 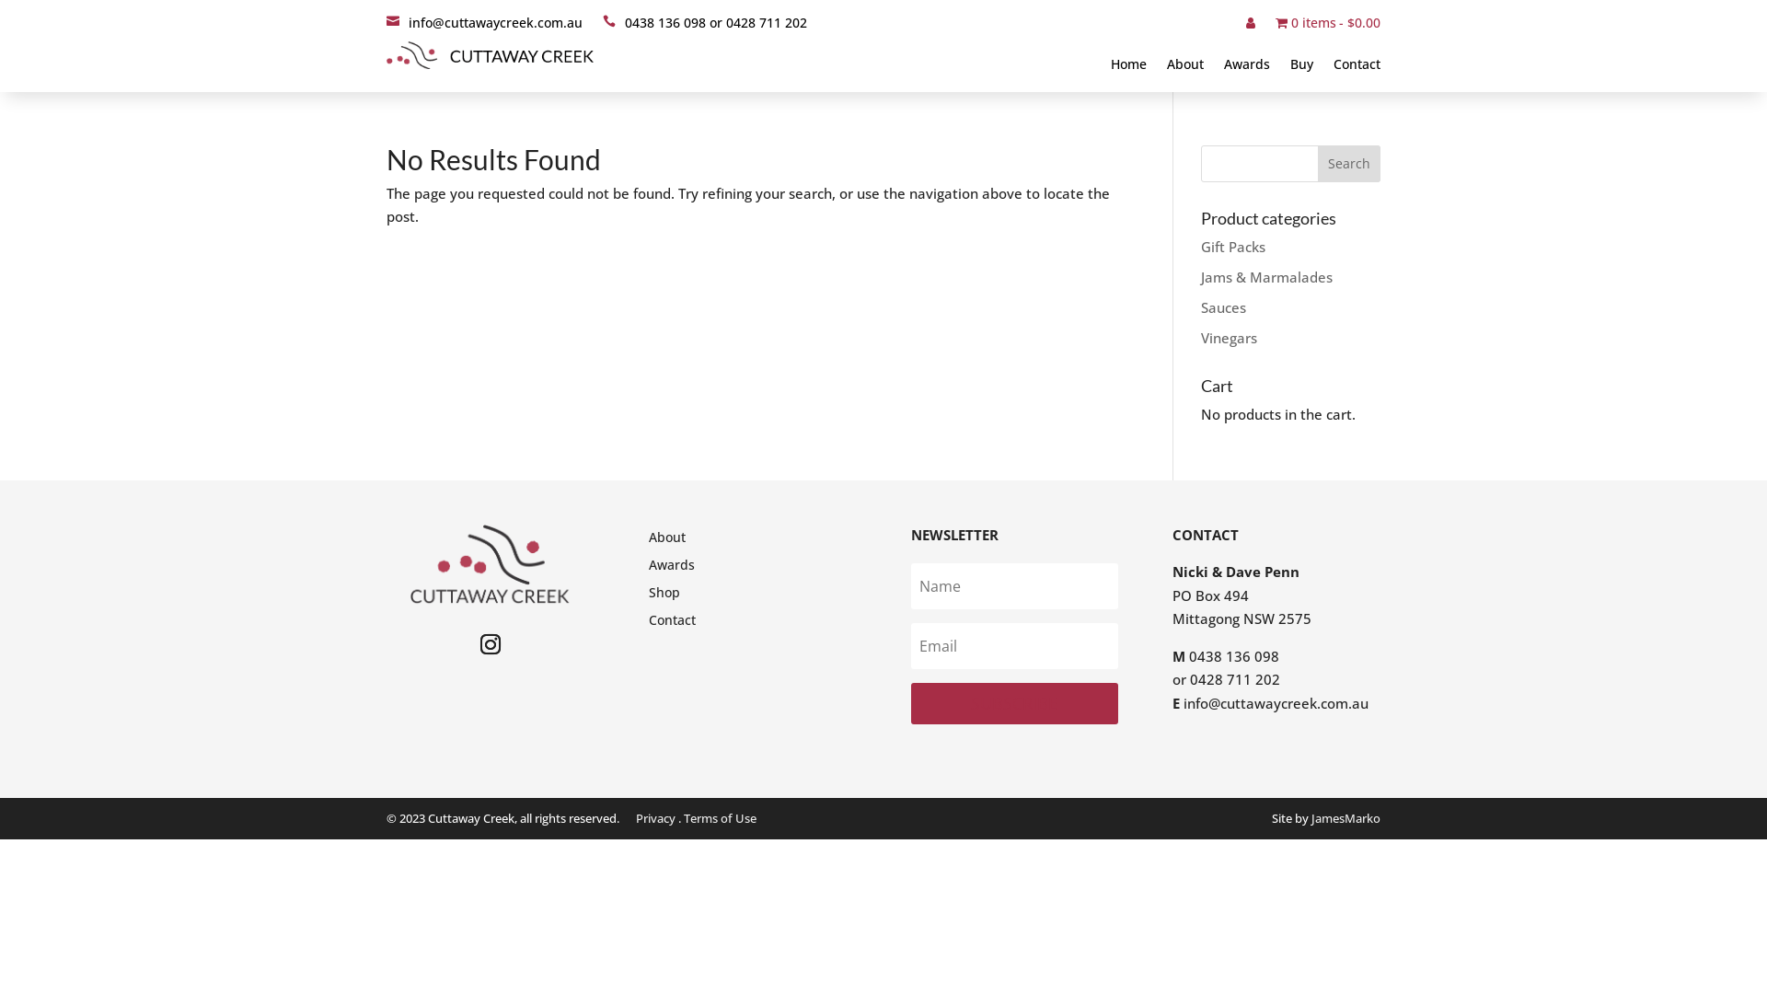 What do you see at coordinates (1300, 66) in the screenshot?
I see `'Buy'` at bounding box center [1300, 66].